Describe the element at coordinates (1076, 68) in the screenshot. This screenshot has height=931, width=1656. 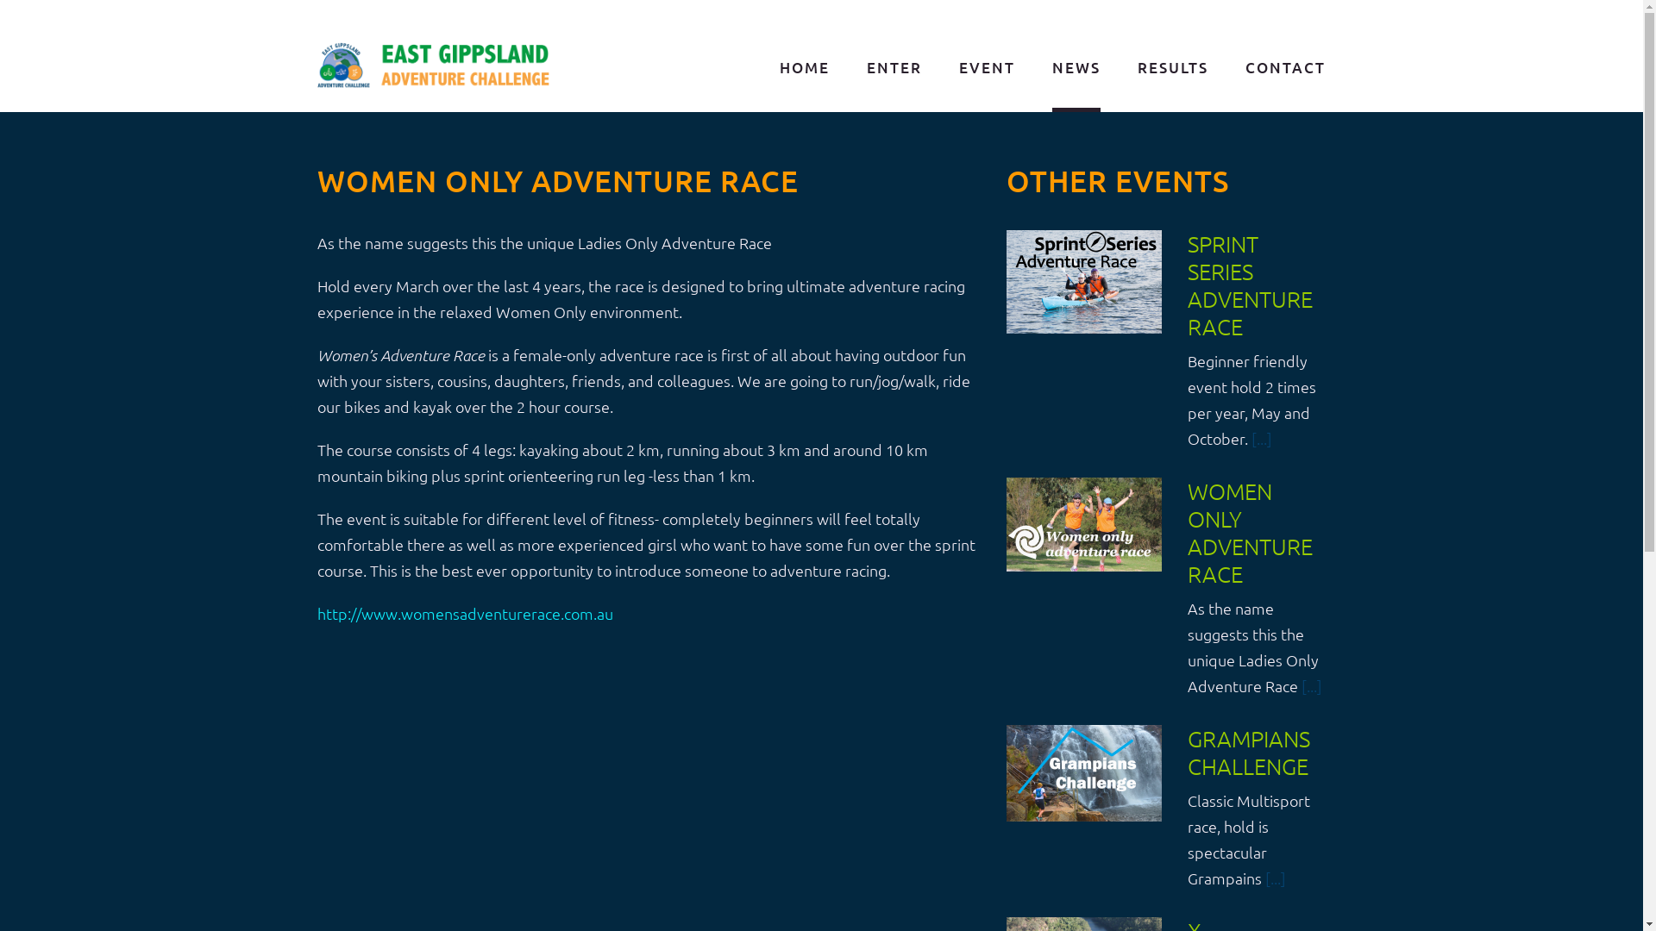
I see `'NEWS'` at that location.